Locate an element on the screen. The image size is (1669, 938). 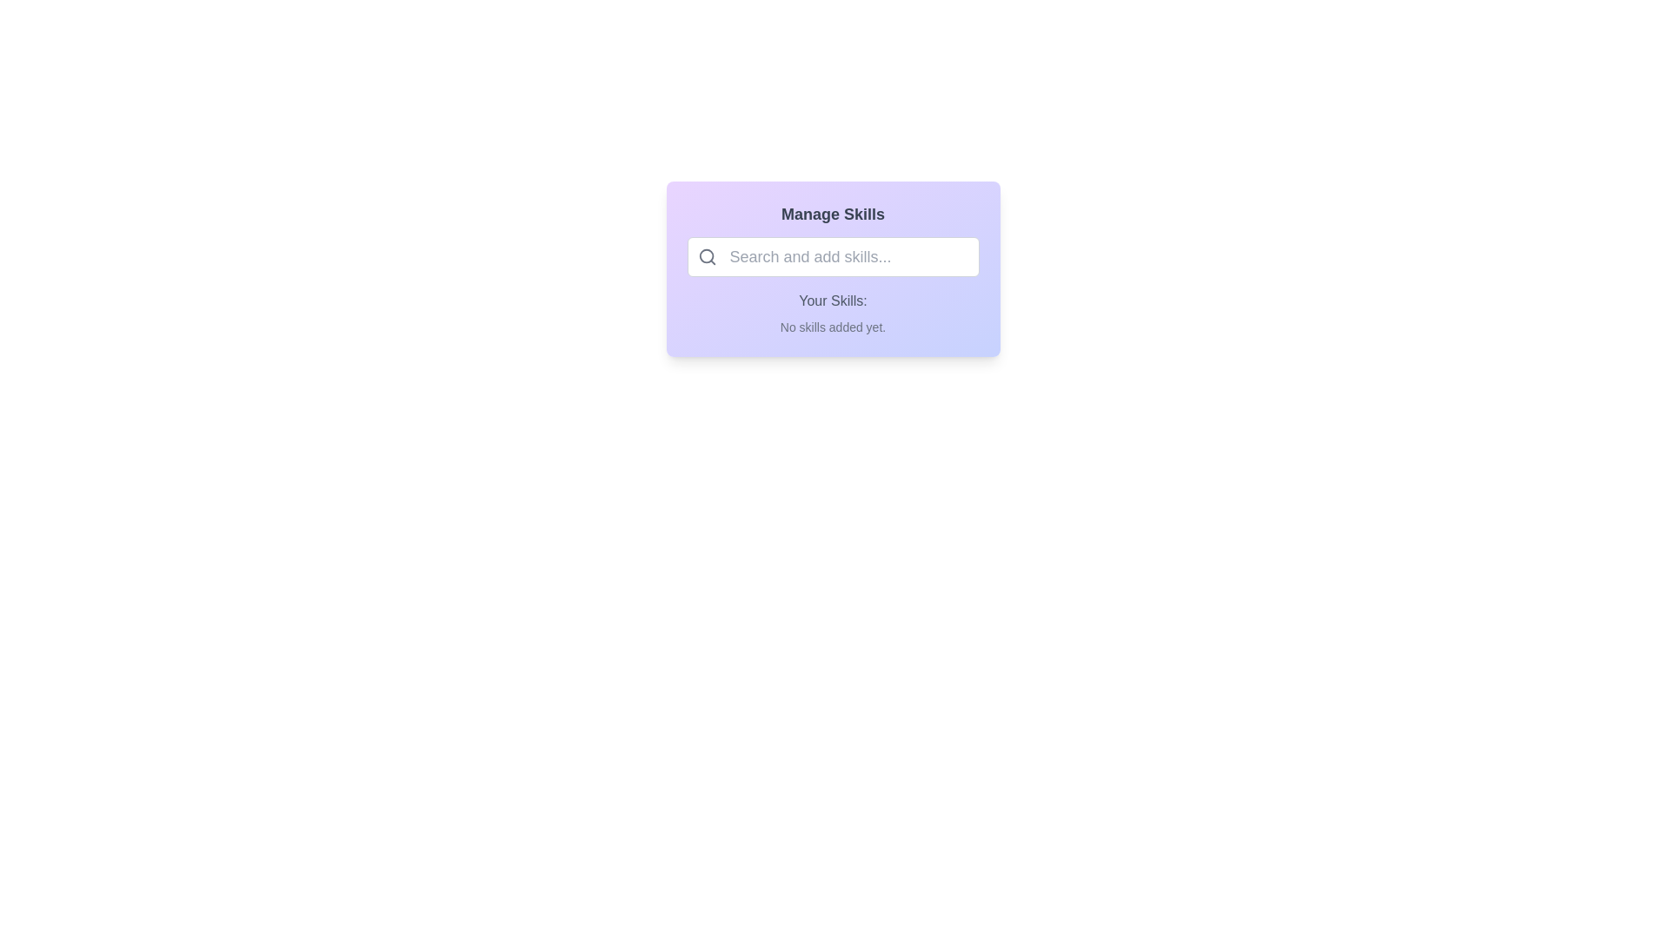
the text label that reads 'Your Skills:' which is styled in medium-sized, gray-colored, bold font and is centrally located within a card-like section is located at coordinates (832, 301).